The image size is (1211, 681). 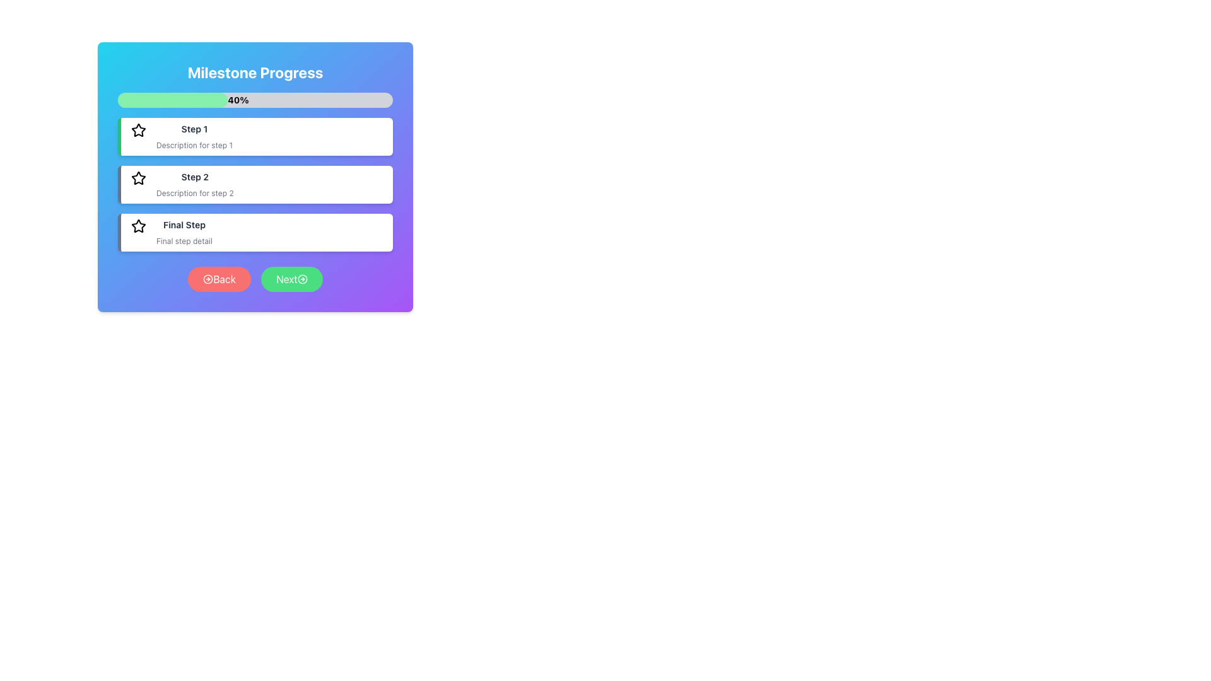 What do you see at coordinates (301, 279) in the screenshot?
I see `the green round button labeled 'Next' that contains a decorative icon with a right-pointing arrow to proceed` at bounding box center [301, 279].